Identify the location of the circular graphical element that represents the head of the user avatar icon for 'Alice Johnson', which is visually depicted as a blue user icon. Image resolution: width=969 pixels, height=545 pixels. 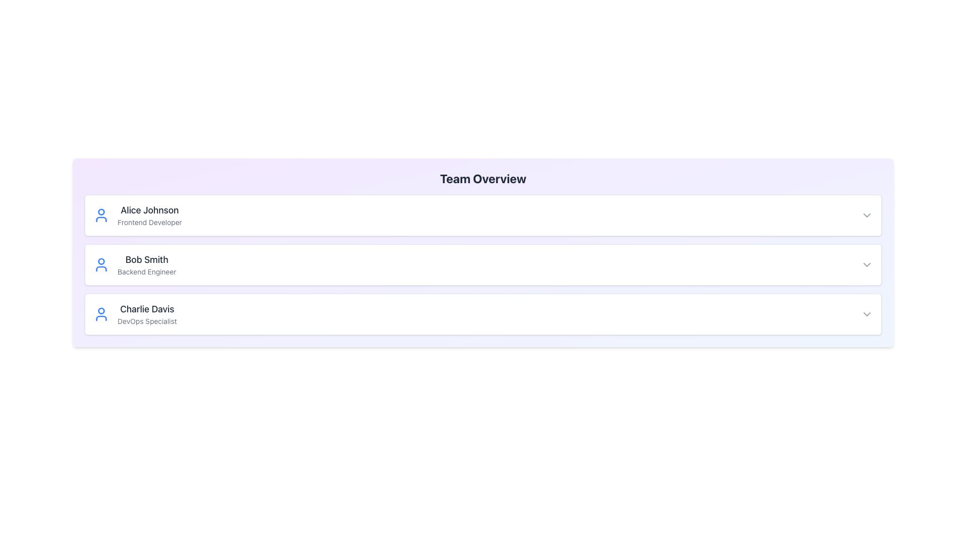
(101, 211).